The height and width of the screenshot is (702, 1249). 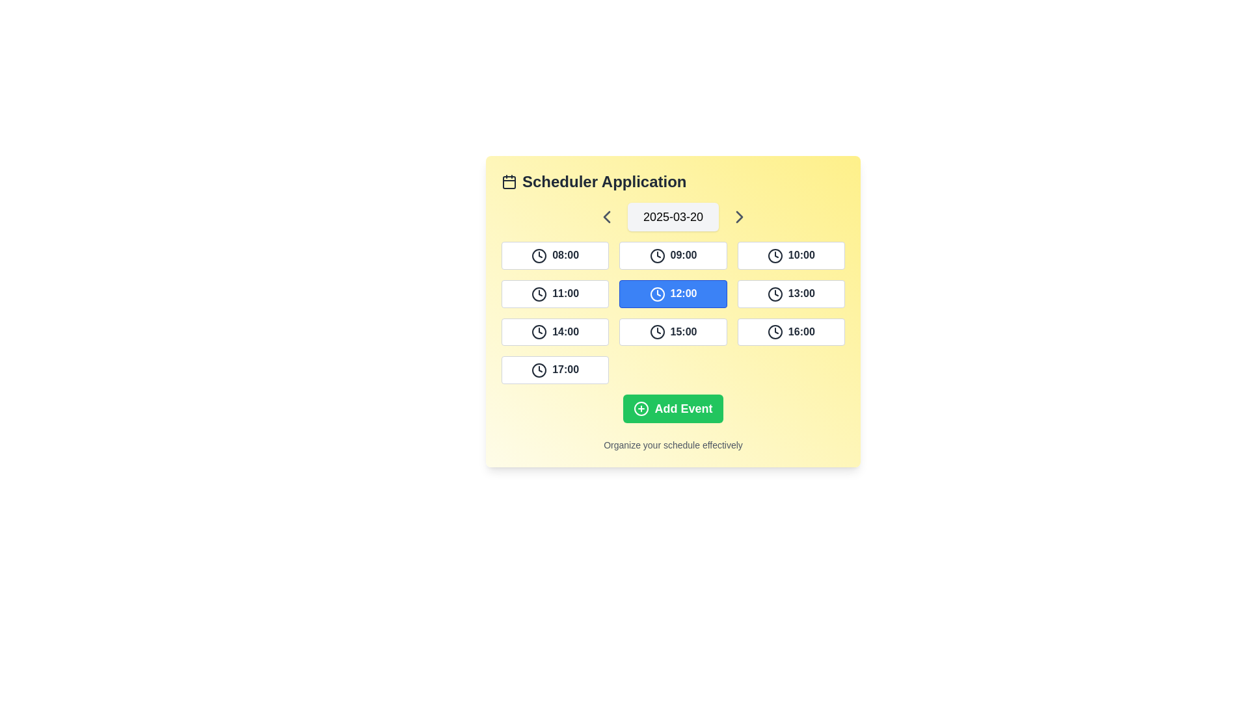 I want to click on the circular icon with a plus sign in its center, which is enclosed within a green circular outline, located at the center of the 'Add Event' button in the scheduler interface, so click(x=641, y=408).